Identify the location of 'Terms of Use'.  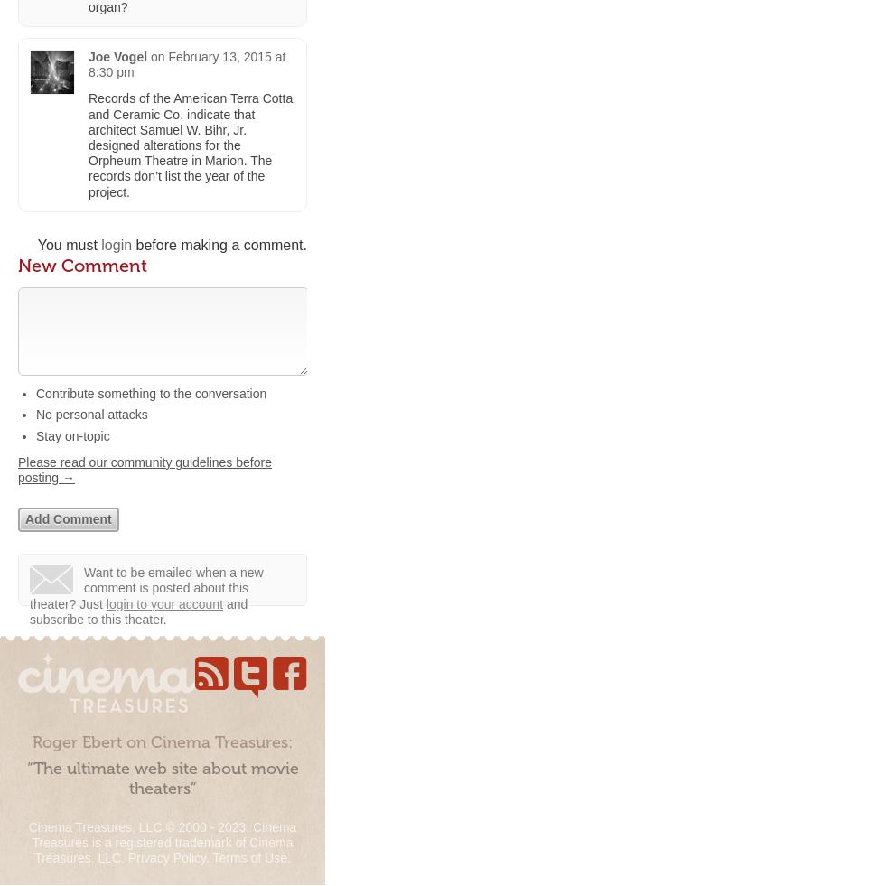
(249, 858).